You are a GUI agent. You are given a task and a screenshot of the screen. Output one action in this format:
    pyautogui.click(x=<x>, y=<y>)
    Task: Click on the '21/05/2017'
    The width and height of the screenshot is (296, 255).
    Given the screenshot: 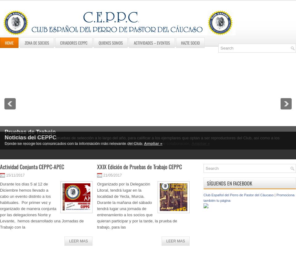 What is the action you would take?
    pyautogui.click(x=112, y=175)
    